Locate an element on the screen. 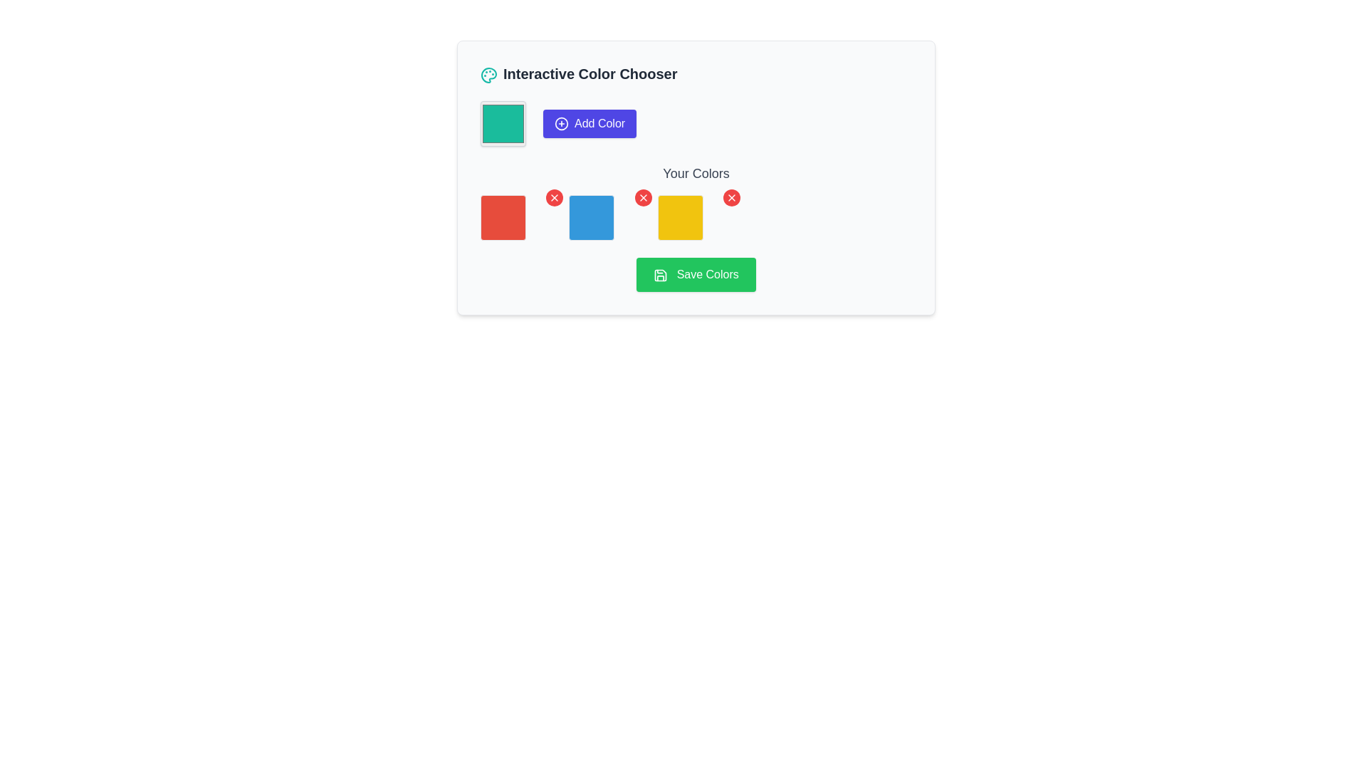  the SVG circle element that is part of the 'circle plus' icon, located to the left of the 'Add Color' button is located at coordinates (560, 122).